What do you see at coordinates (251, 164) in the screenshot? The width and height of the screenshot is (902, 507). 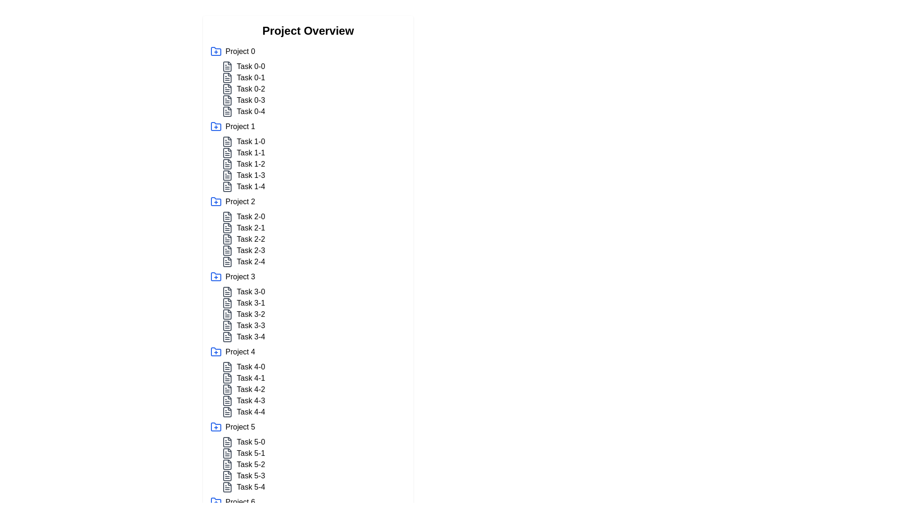 I see `the text label 'Task 1-2' which is the third task in the 'Project 1' section of the hierarchical list` at bounding box center [251, 164].